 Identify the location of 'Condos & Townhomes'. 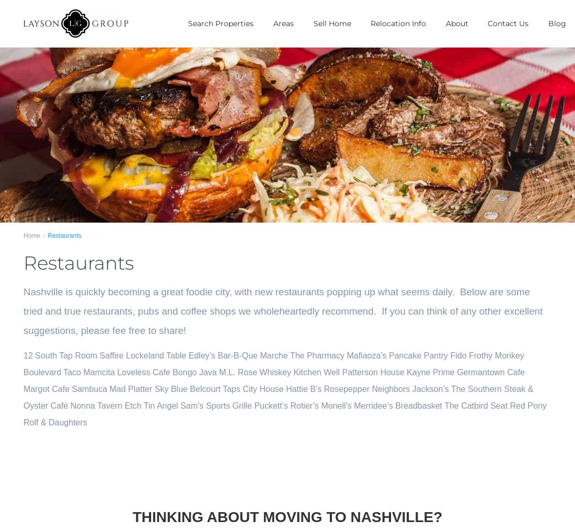
(188, 87).